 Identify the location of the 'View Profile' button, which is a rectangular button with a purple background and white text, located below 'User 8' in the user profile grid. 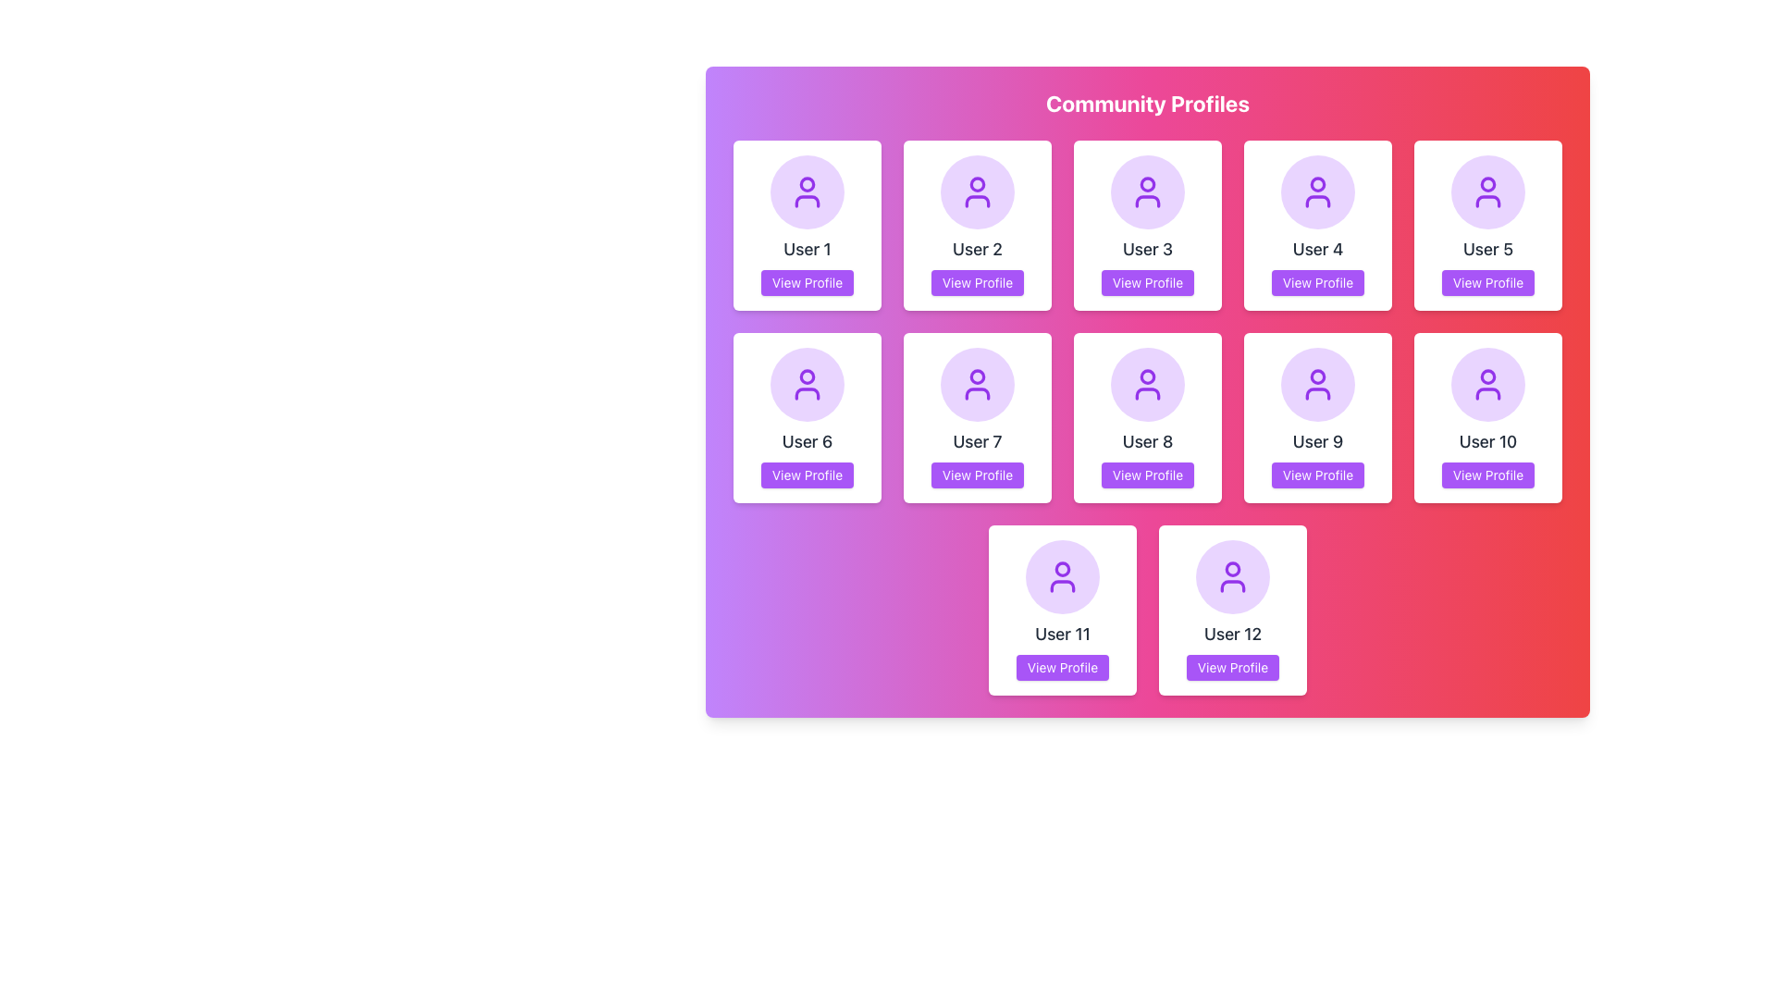
(1145, 474).